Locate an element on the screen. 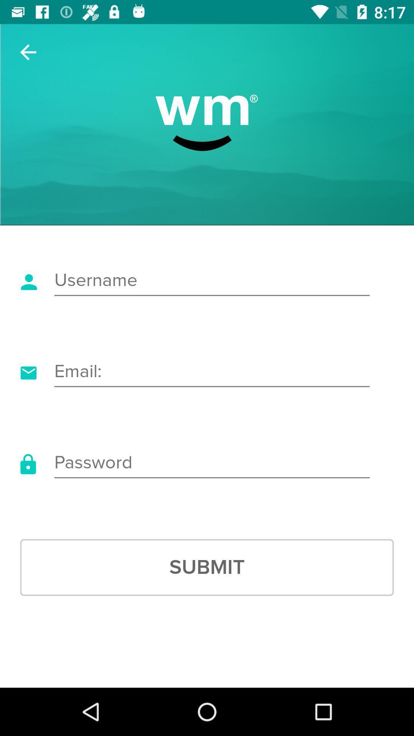 The height and width of the screenshot is (736, 414). submit is located at coordinates (207, 567).